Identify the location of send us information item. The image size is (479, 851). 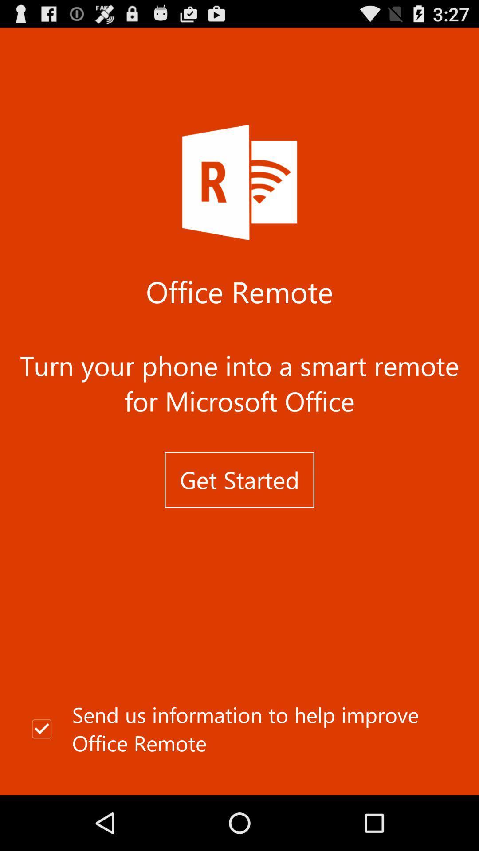
(239, 729).